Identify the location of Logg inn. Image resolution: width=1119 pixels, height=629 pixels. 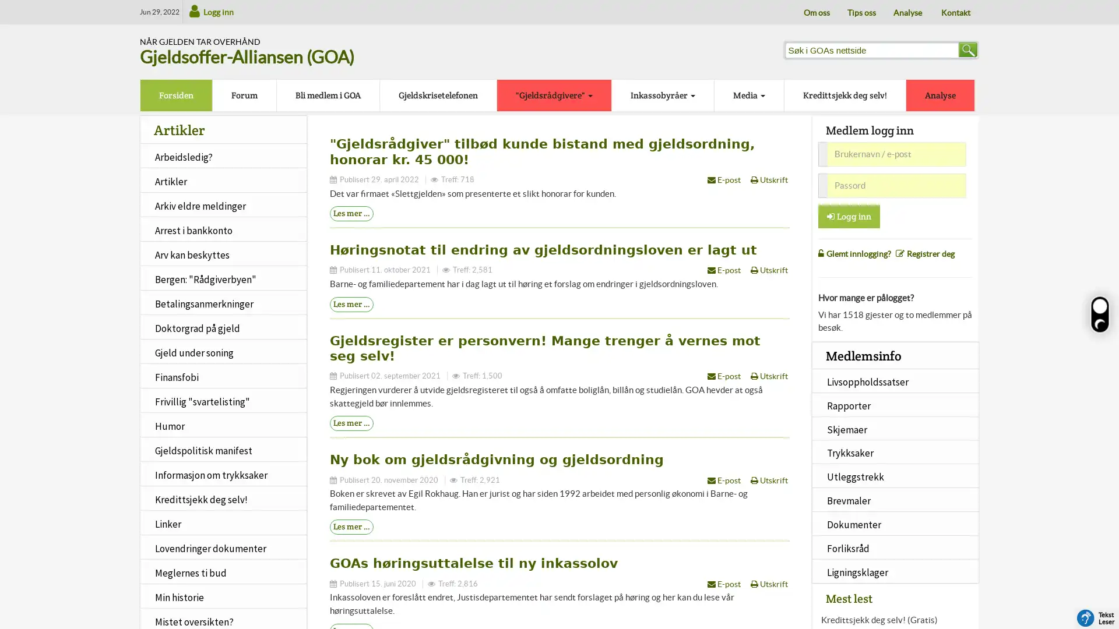
(849, 215).